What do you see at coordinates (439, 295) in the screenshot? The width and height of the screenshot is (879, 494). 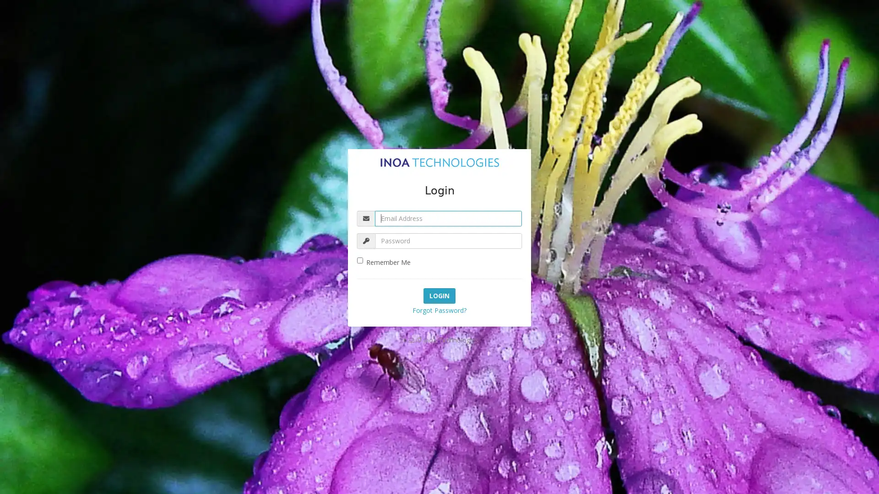 I see `Login` at bounding box center [439, 295].